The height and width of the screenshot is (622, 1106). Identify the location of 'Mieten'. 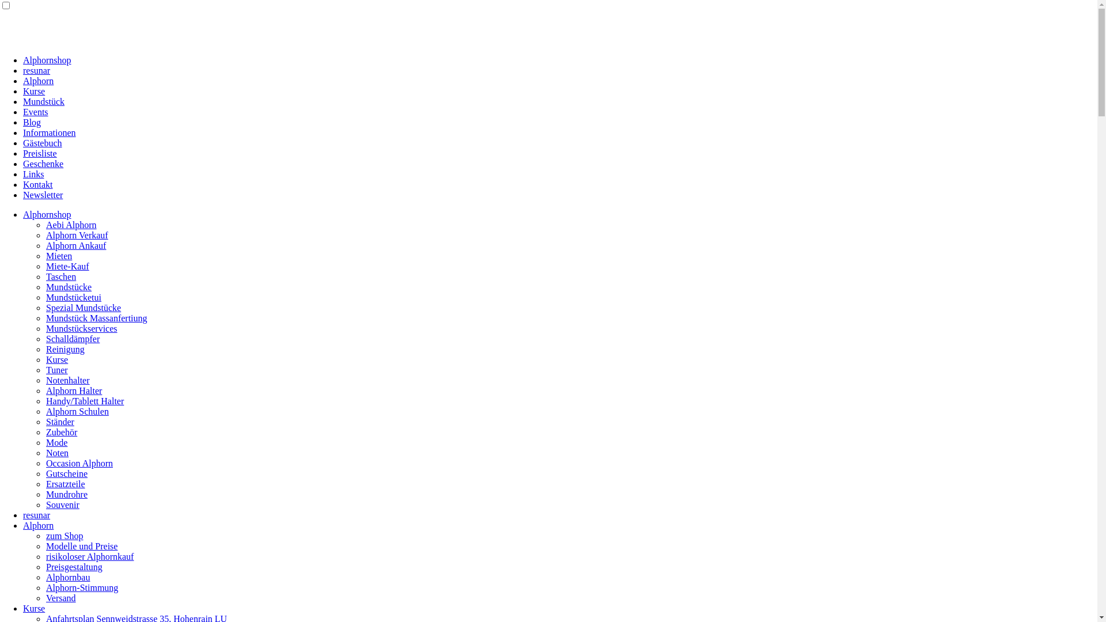
(58, 255).